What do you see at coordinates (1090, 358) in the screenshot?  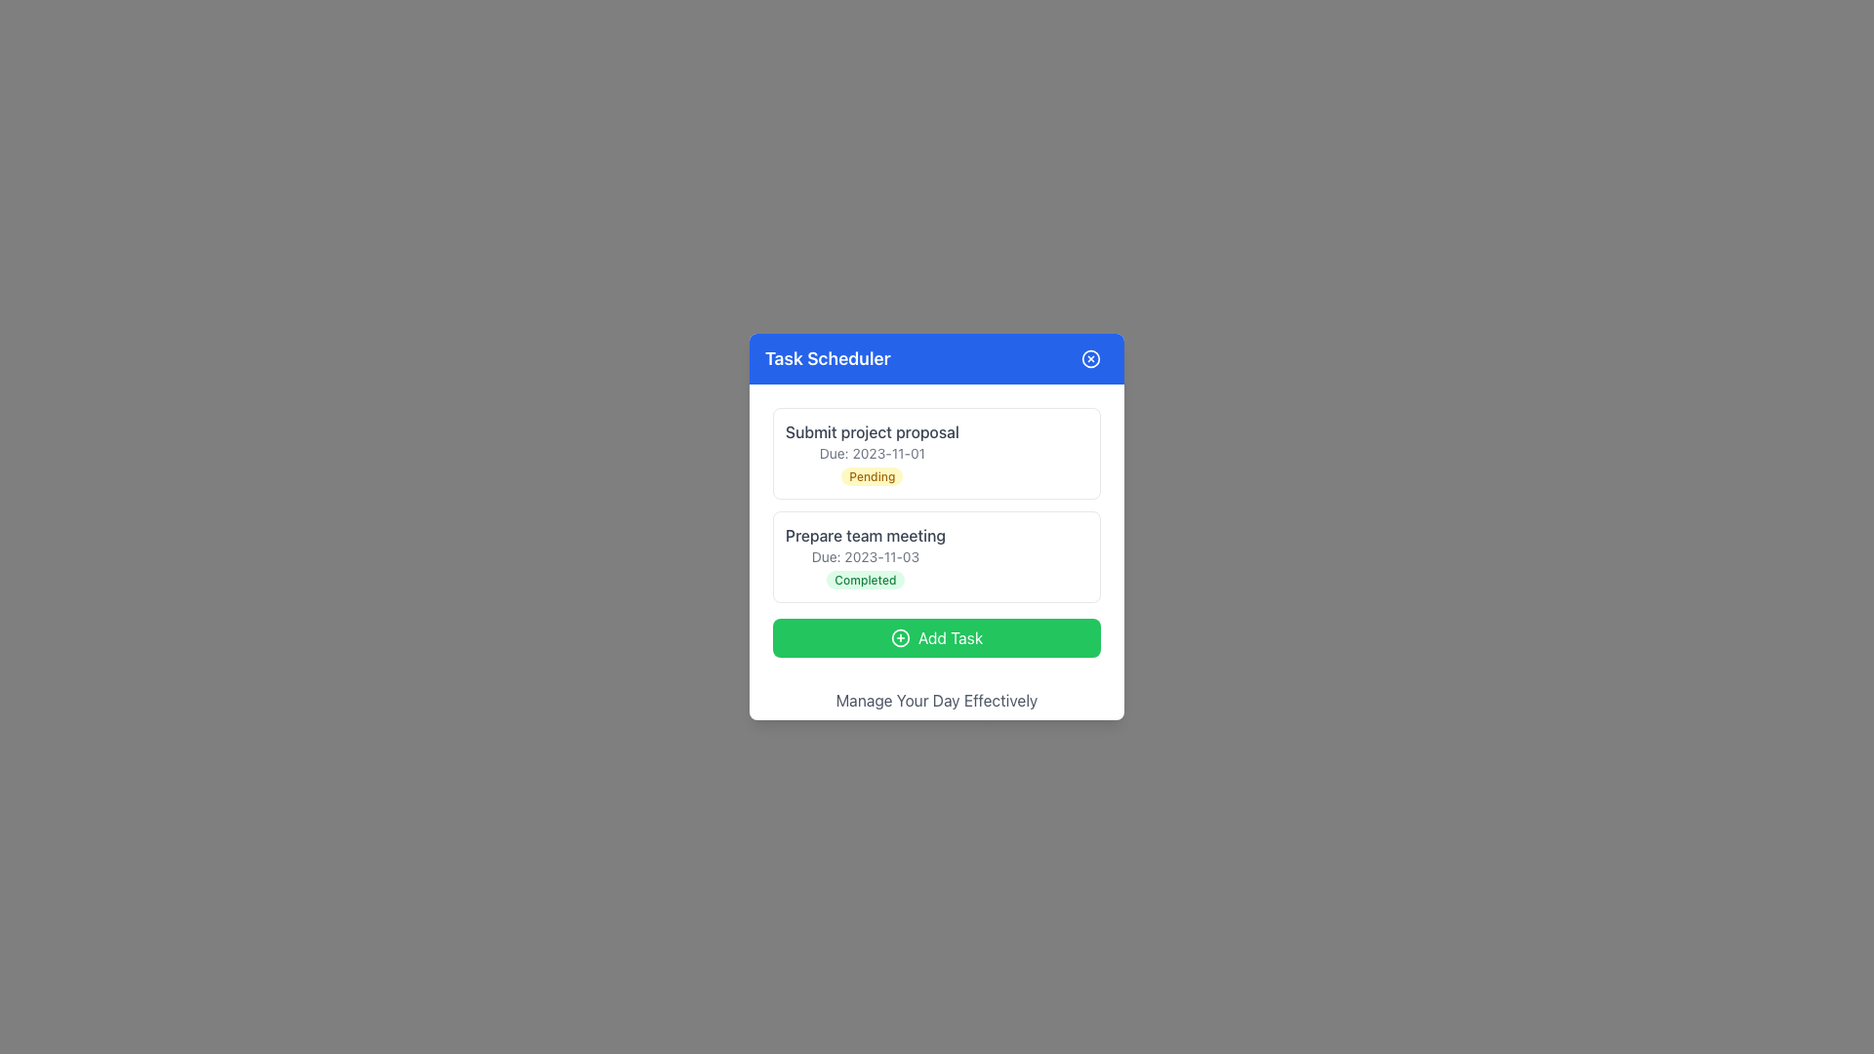 I see `the circular close button in the top right corner of the Task Scheduler interface, which is part of the SVG icon design` at bounding box center [1090, 358].